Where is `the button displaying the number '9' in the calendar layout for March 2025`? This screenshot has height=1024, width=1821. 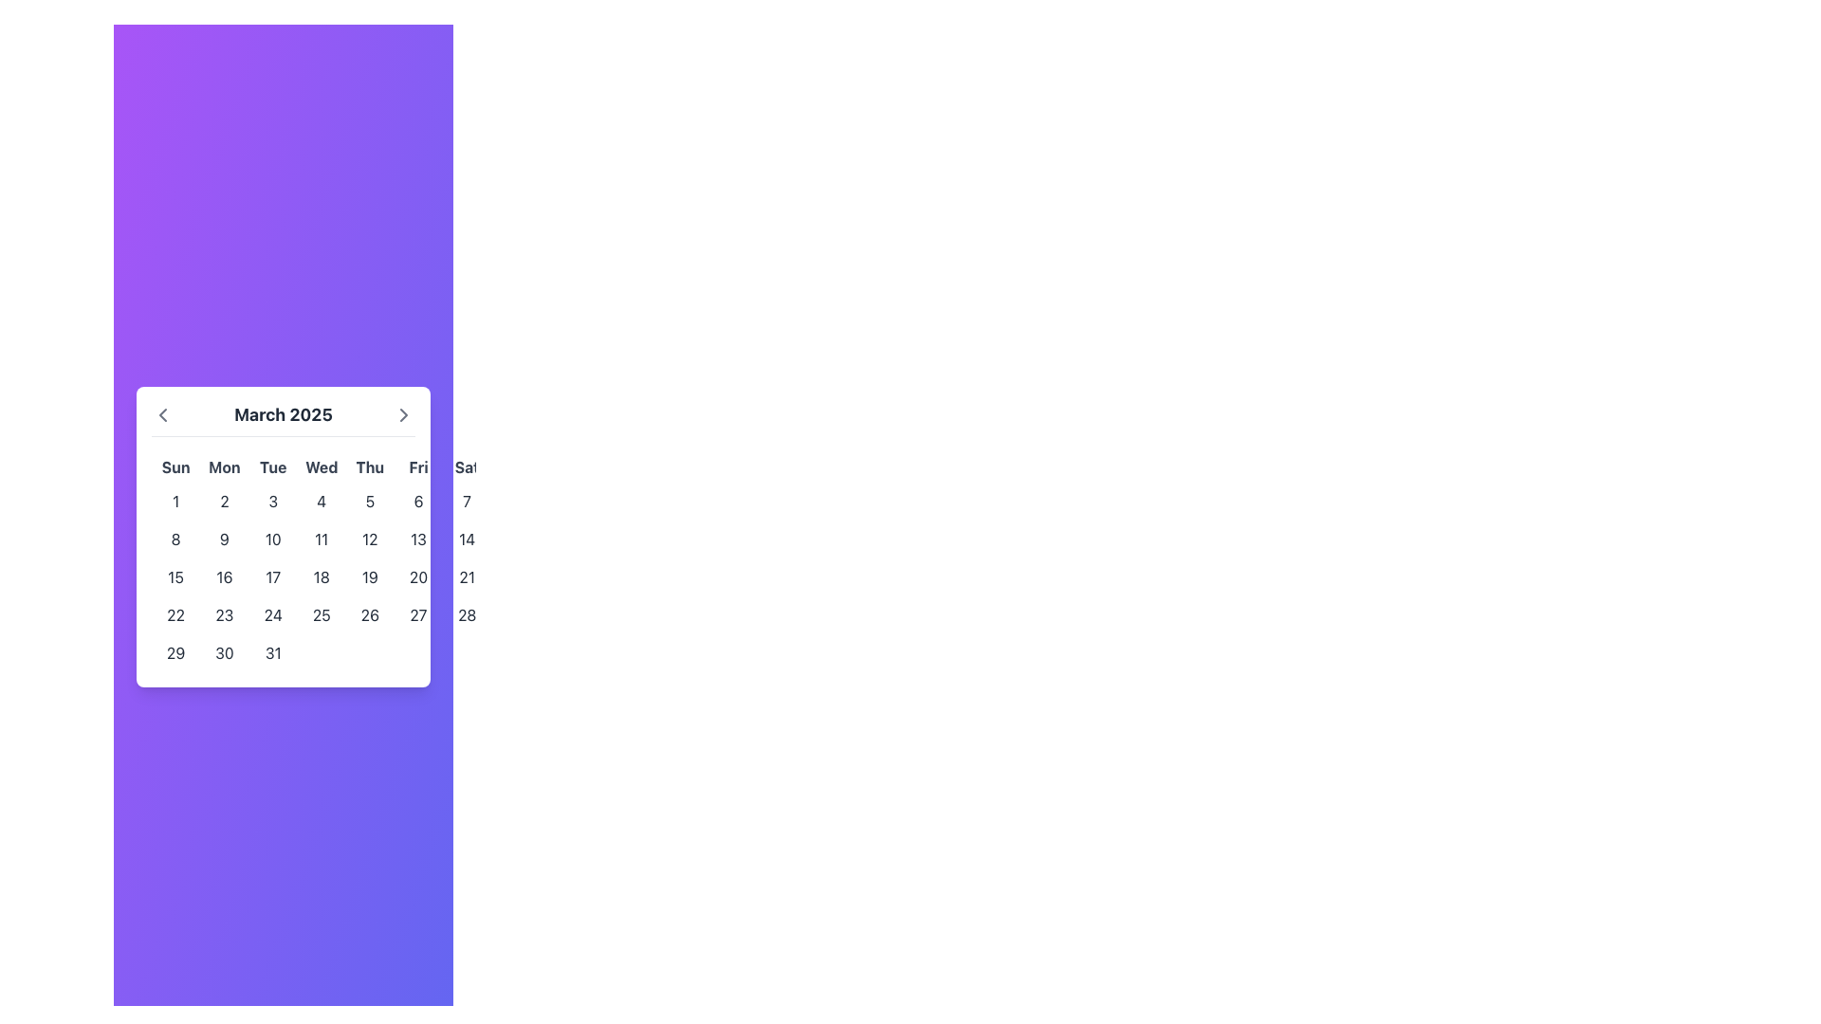 the button displaying the number '9' in the calendar layout for March 2025 is located at coordinates (224, 539).